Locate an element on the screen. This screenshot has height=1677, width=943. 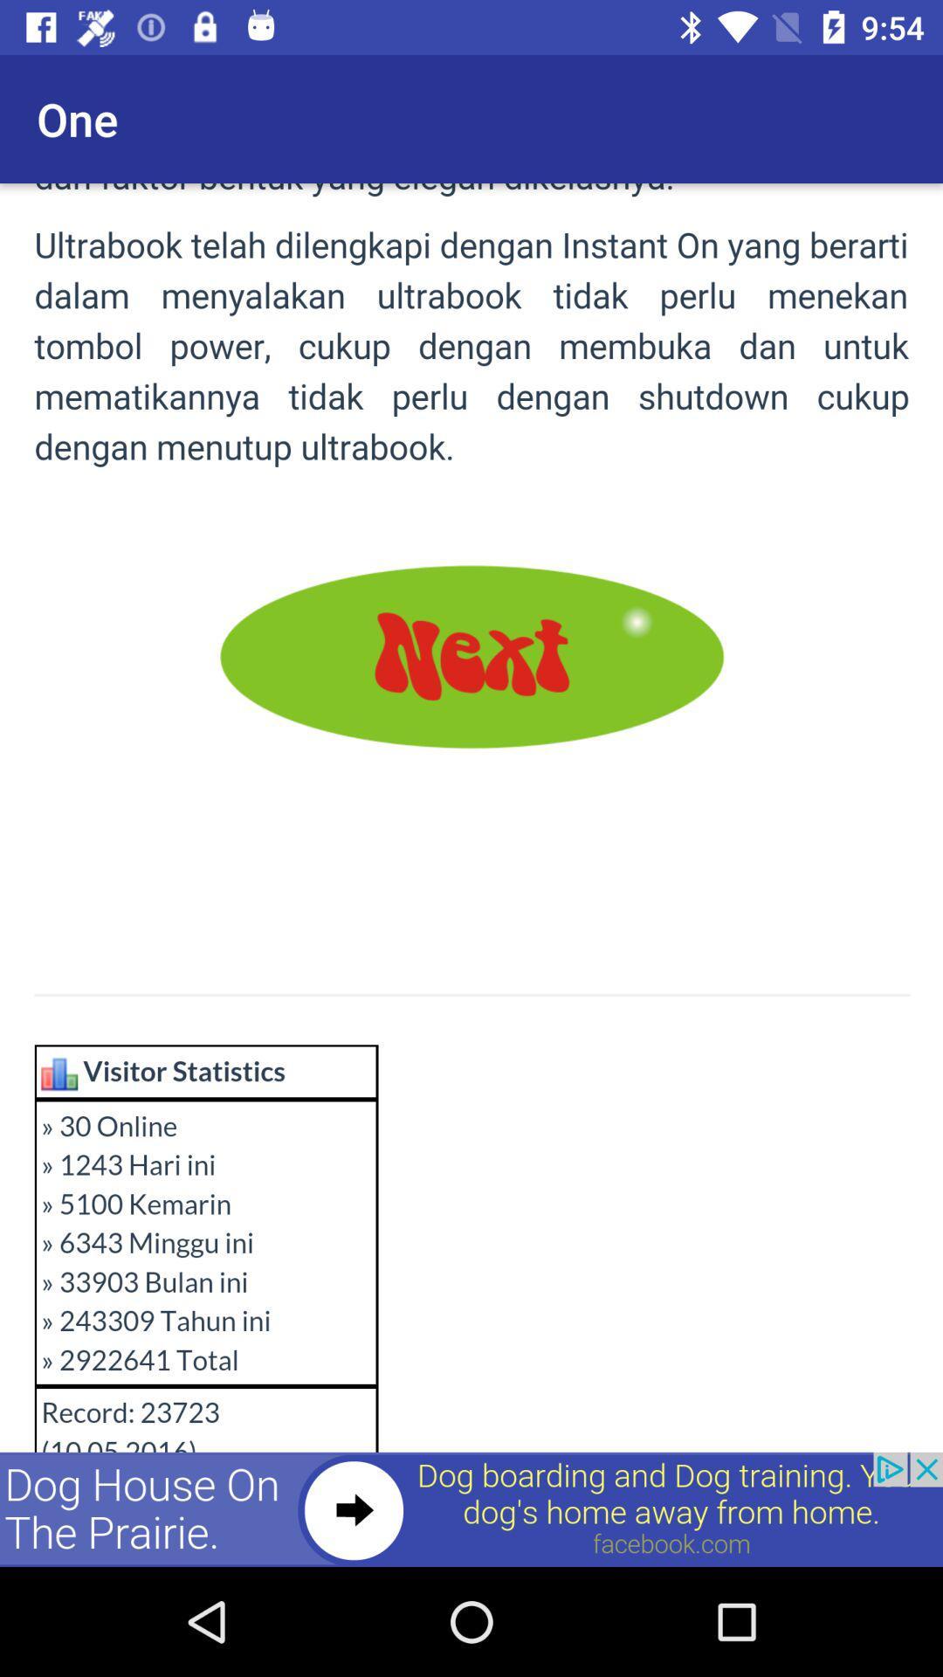
next page is located at coordinates (471, 875).